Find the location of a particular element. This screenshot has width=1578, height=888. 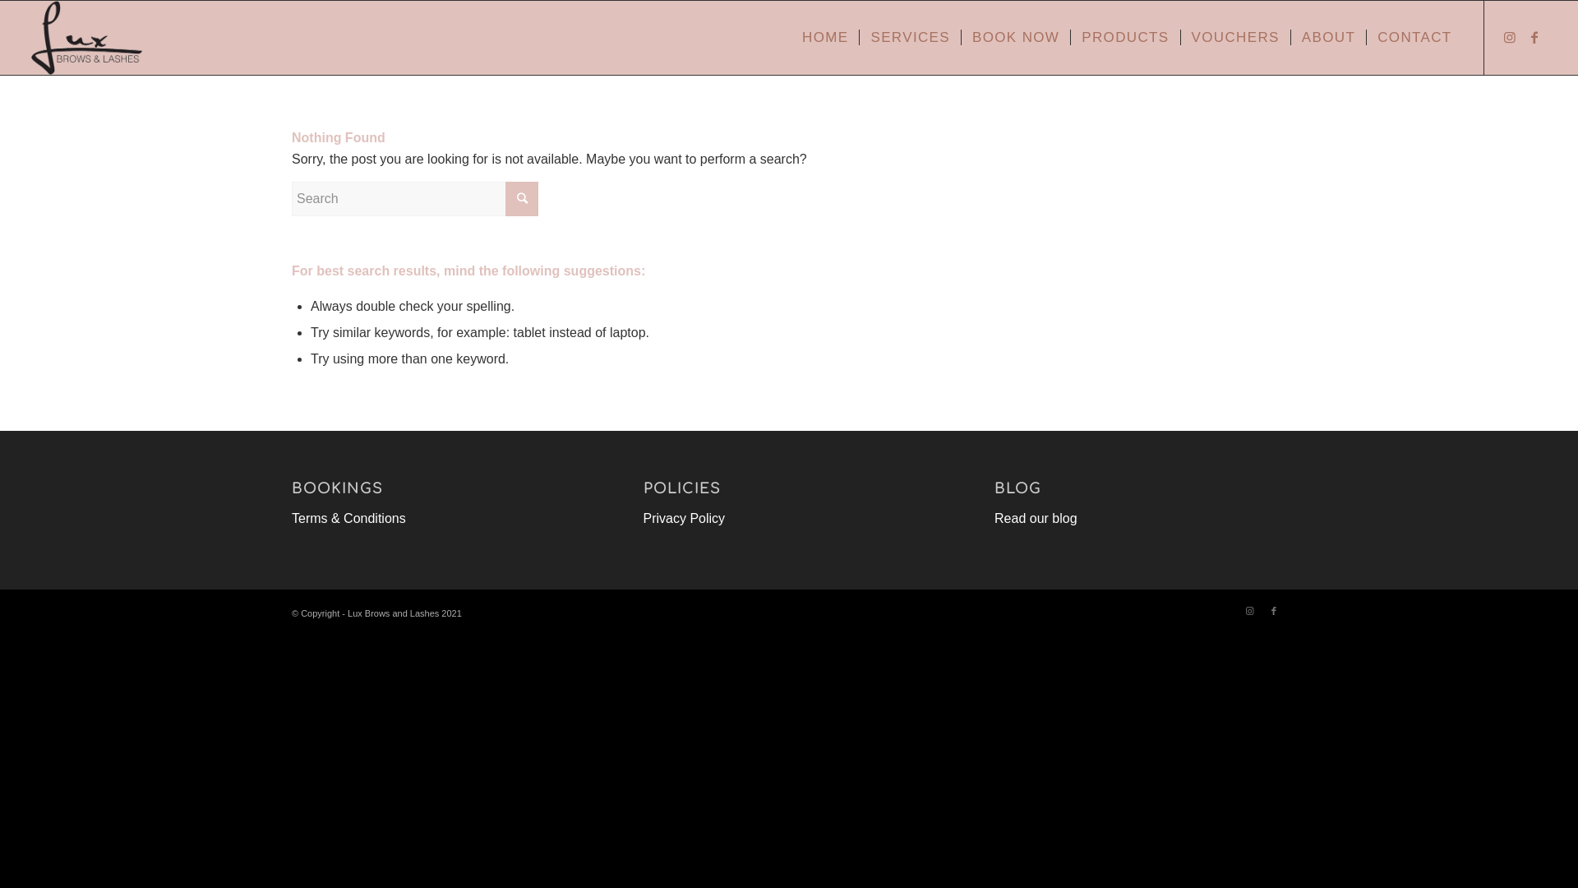

'Privacy Policy' is located at coordinates (685, 518).